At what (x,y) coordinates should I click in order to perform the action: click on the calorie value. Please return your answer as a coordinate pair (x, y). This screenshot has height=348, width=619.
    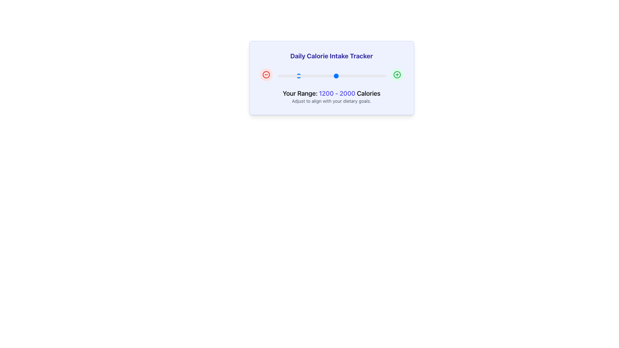
    Looking at the image, I should click on (335, 75).